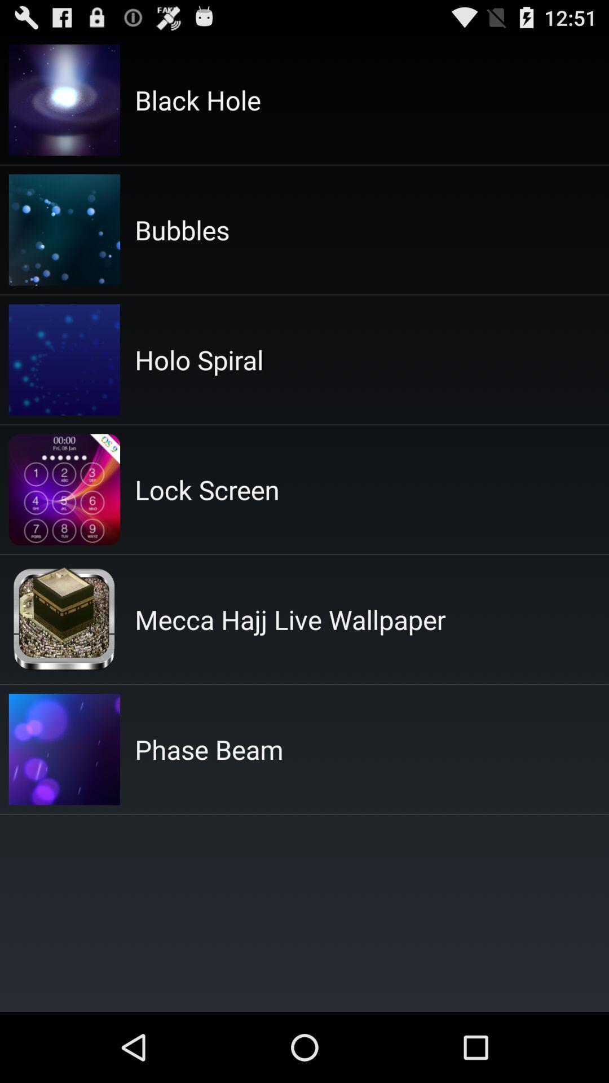 The width and height of the screenshot is (609, 1083). Describe the element at coordinates (289, 619) in the screenshot. I see `item above the phase beam app` at that location.